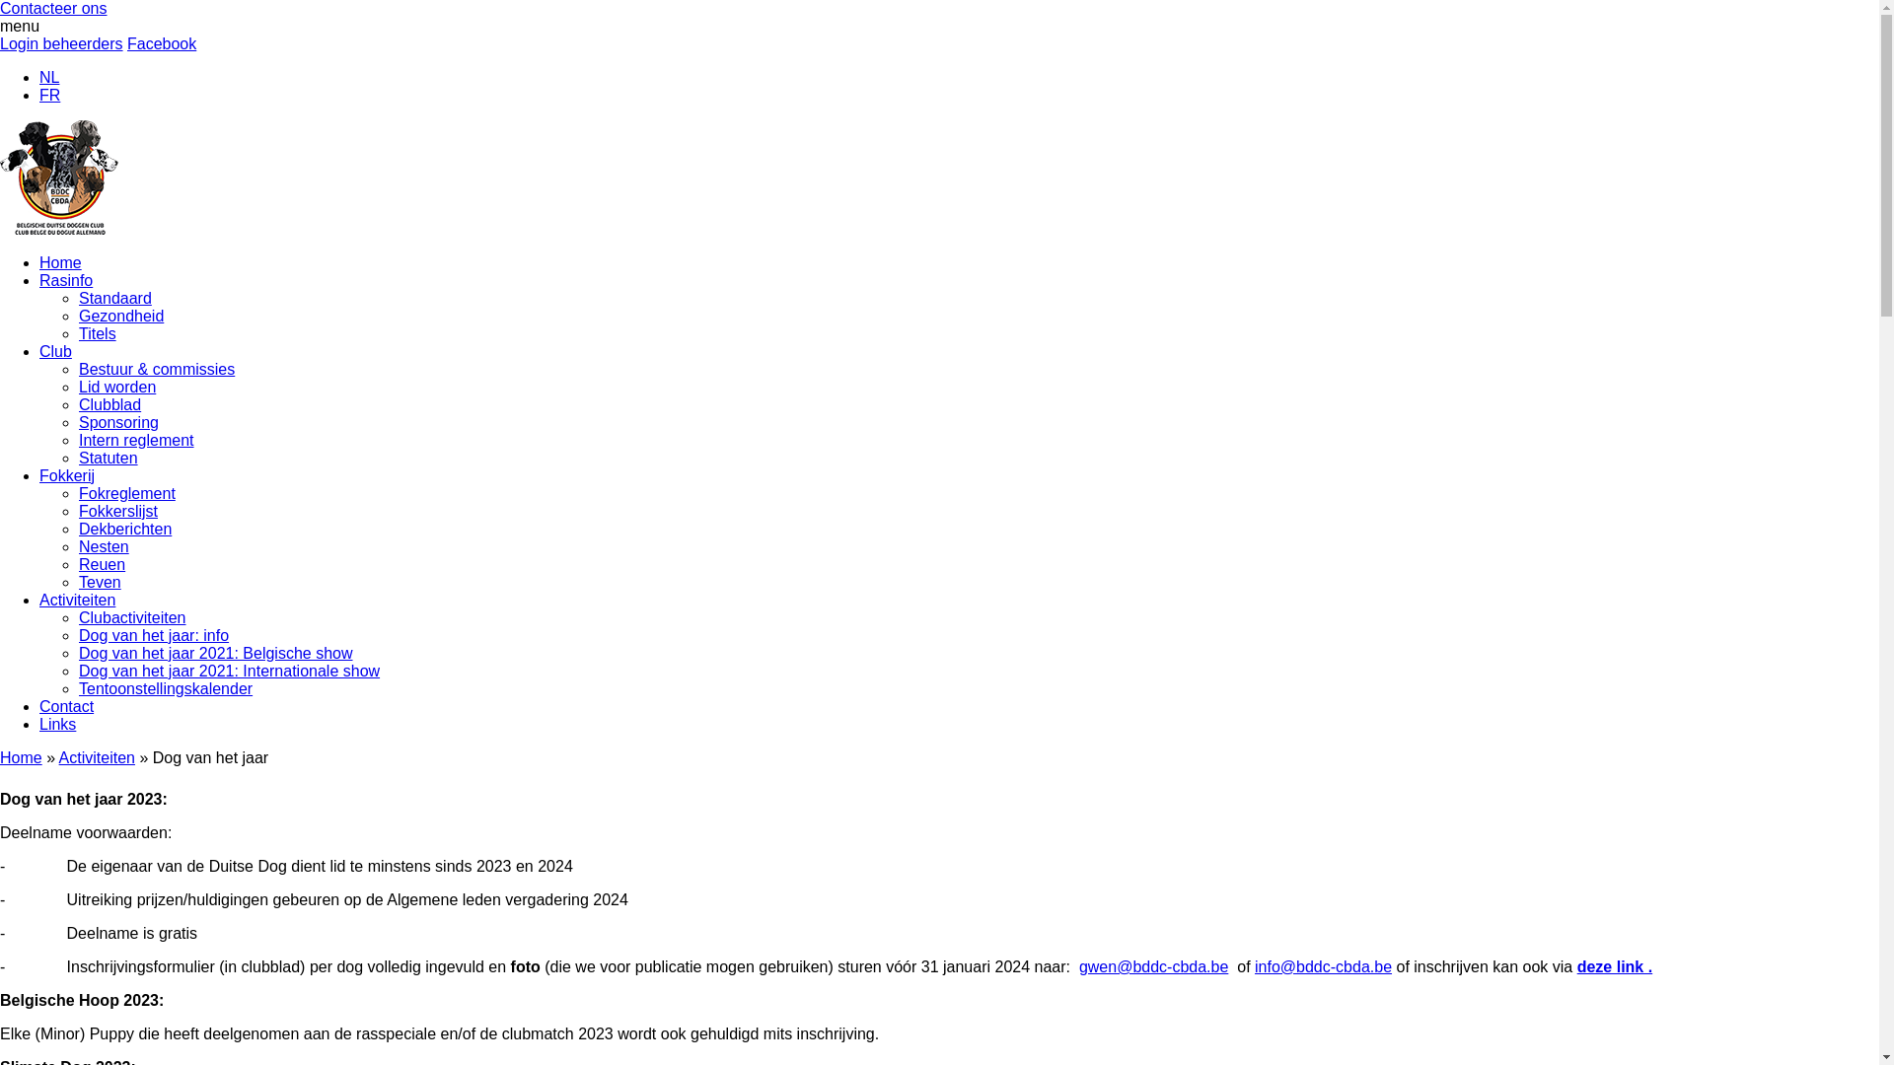 This screenshot has width=1894, height=1065. What do you see at coordinates (109, 403) in the screenshot?
I see `'Clubblad'` at bounding box center [109, 403].